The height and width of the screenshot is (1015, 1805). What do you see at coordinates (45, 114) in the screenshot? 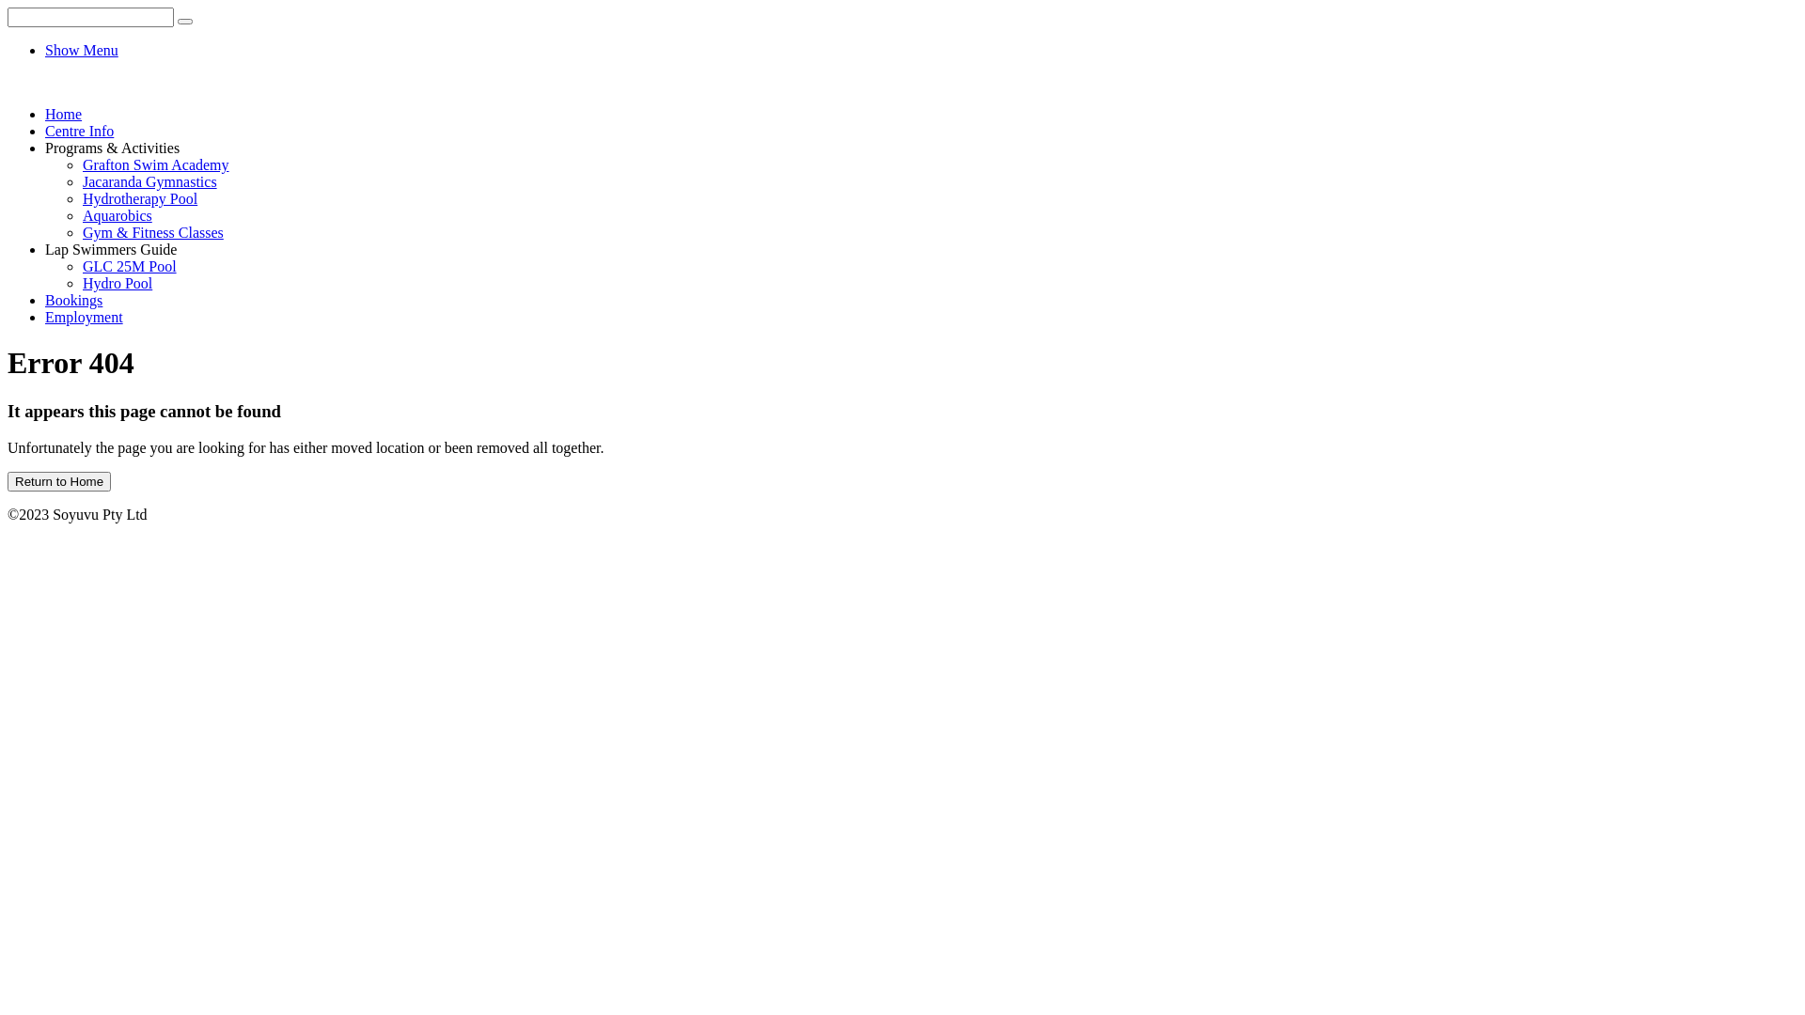
I see `'Home'` at bounding box center [45, 114].